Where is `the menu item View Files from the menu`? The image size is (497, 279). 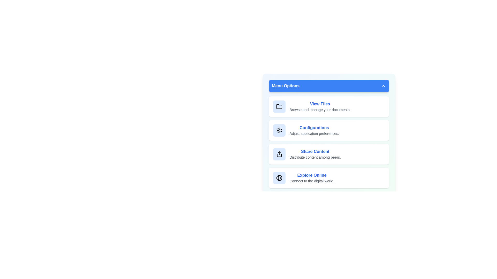
the menu item View Files from the menu is located at coordinates (328, 106).